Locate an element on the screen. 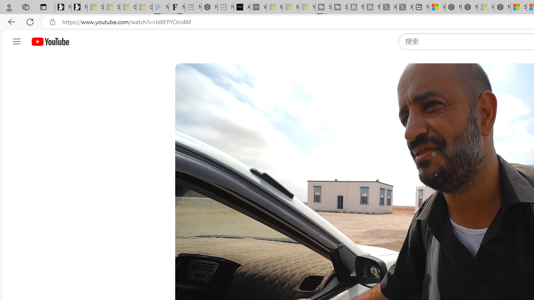  'Newsletter Sign Up' is located at coordinates (79, 7).